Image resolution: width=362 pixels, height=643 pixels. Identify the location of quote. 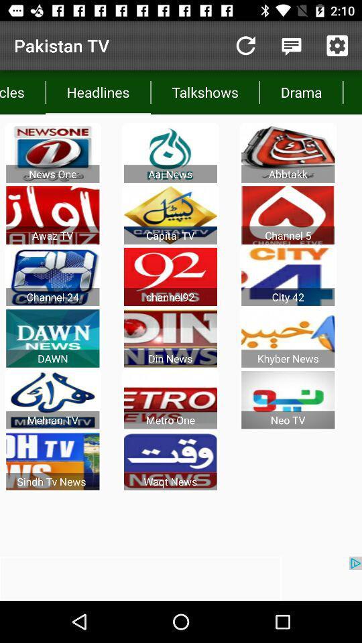
(291, 46).